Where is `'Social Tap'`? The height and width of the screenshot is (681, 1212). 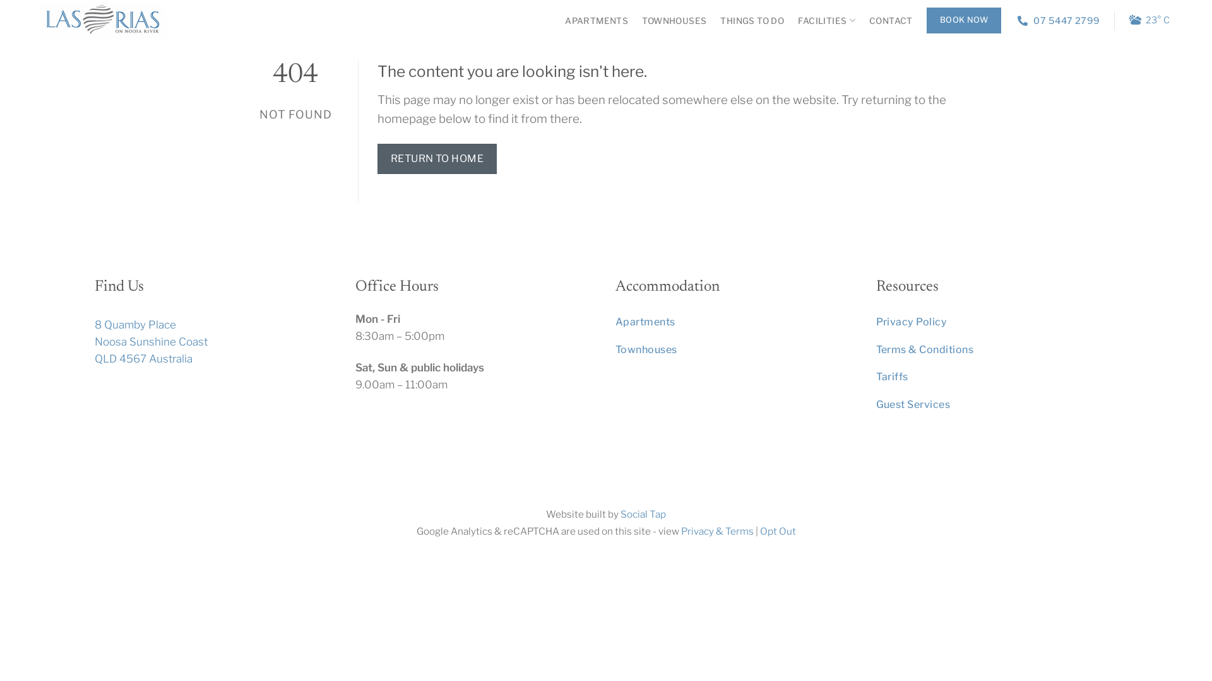
'Social Tap' is located at coordinates (621, 514).